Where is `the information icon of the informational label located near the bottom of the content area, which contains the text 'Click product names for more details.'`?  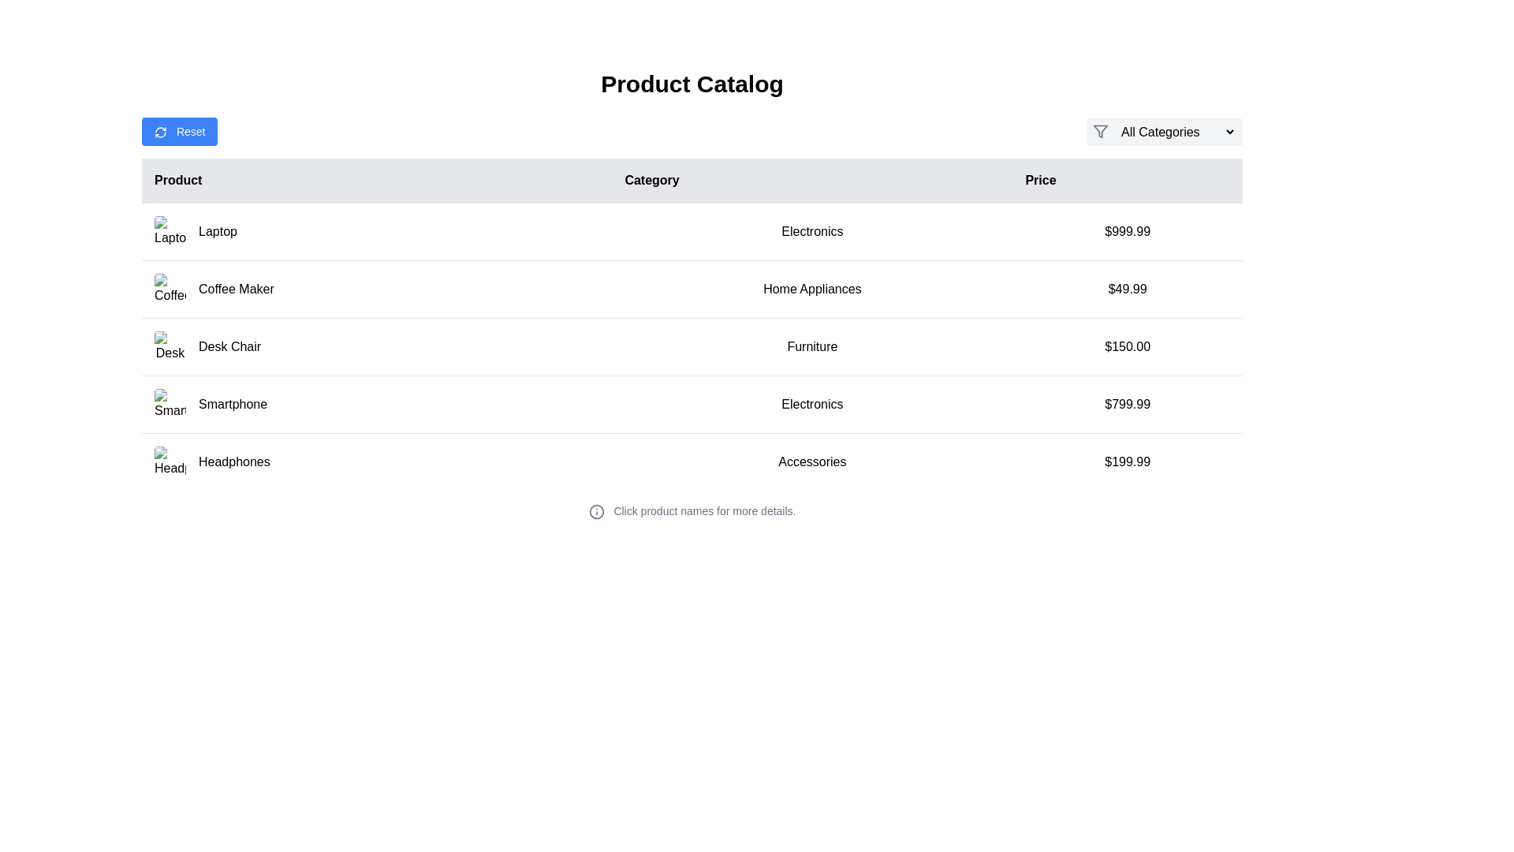
the information icon of the informational label located near the bottom of the content area, which contains the text 'Click product names for more details.' is located at coordinates (692, 511).